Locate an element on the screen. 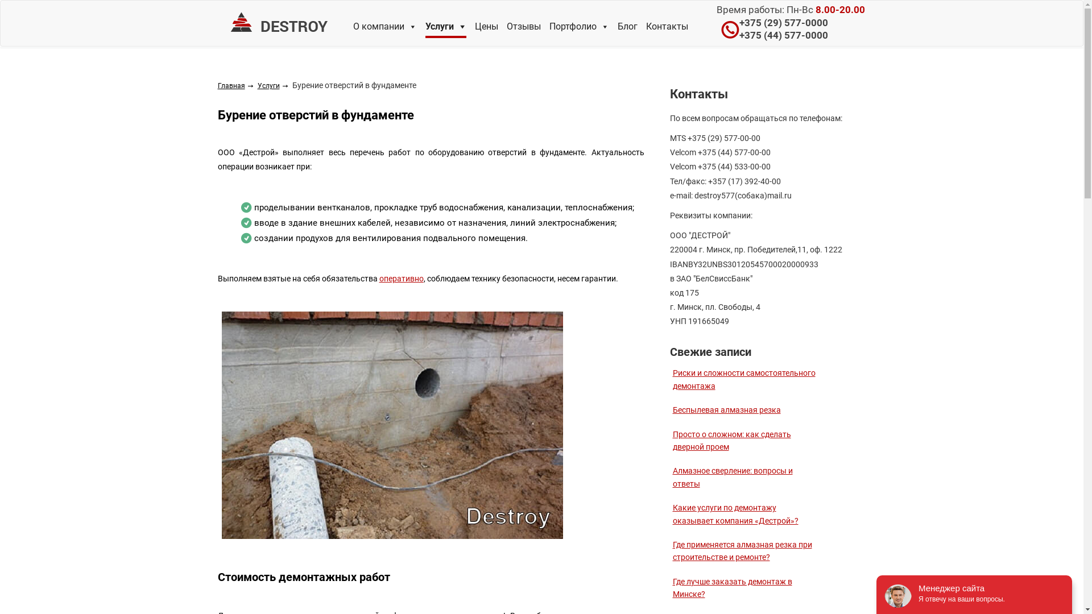  '+375 (44) 577-0000' is located at coordinates (783, 34).